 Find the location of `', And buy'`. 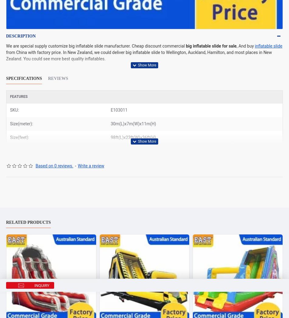

', And buy' is located at coordinates (245, 46).